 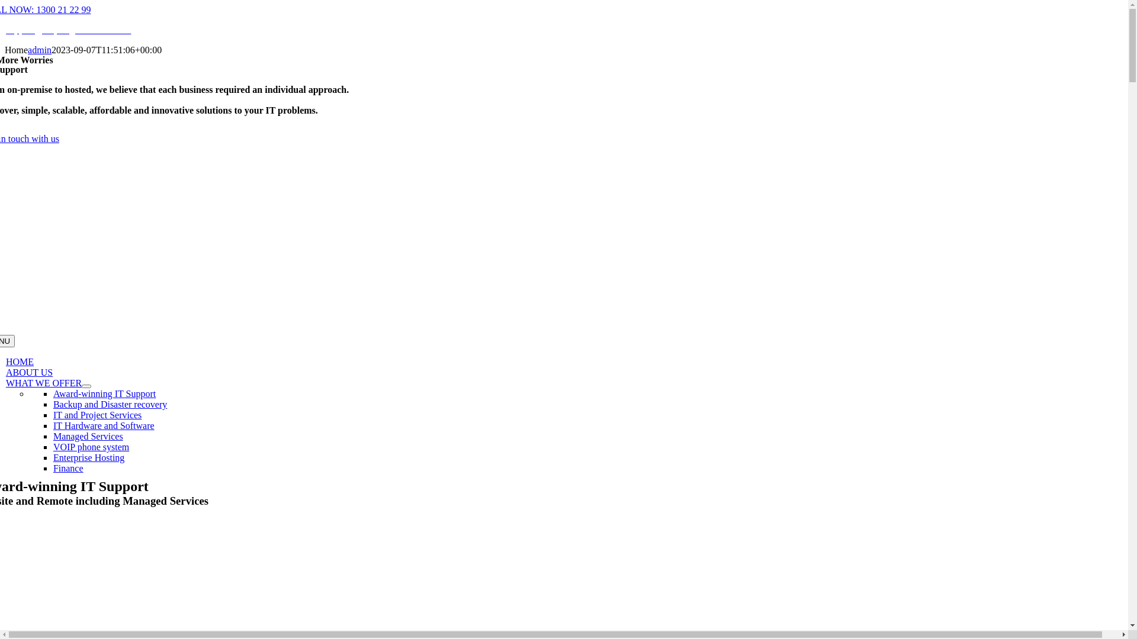 What do you see at coordinates (29, 372) in the screenshot?
I see `'ABOUT US'` at bounding box center [29, 372].